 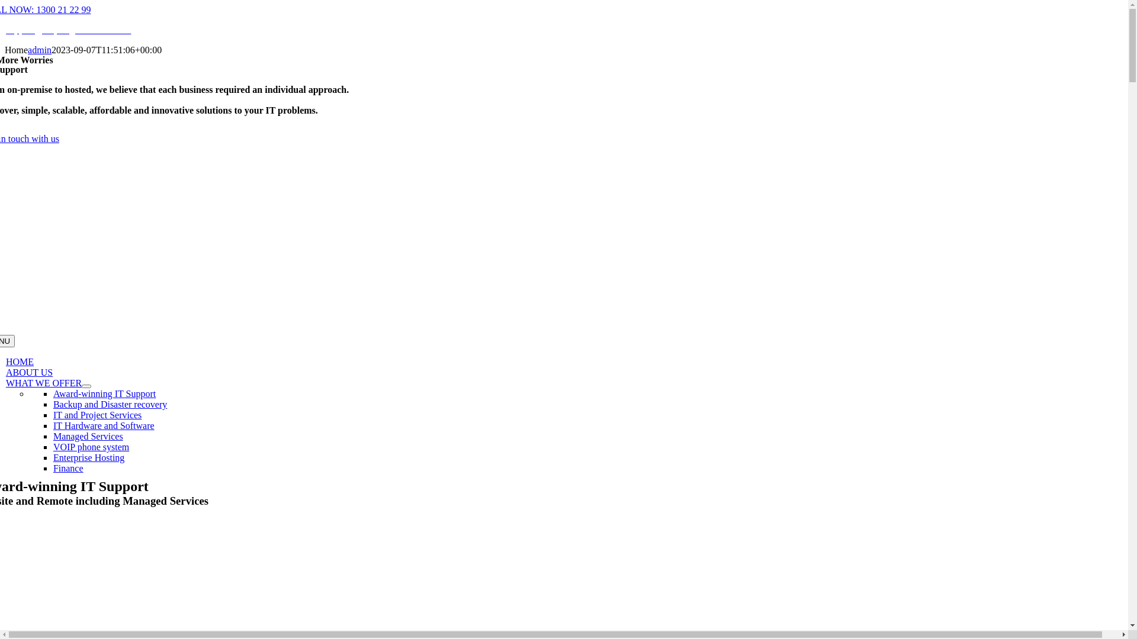 What do you see at coordinates (29, 372) in the screenshot?
I see `'ABOUT US'` at bounding box center [29, 372].